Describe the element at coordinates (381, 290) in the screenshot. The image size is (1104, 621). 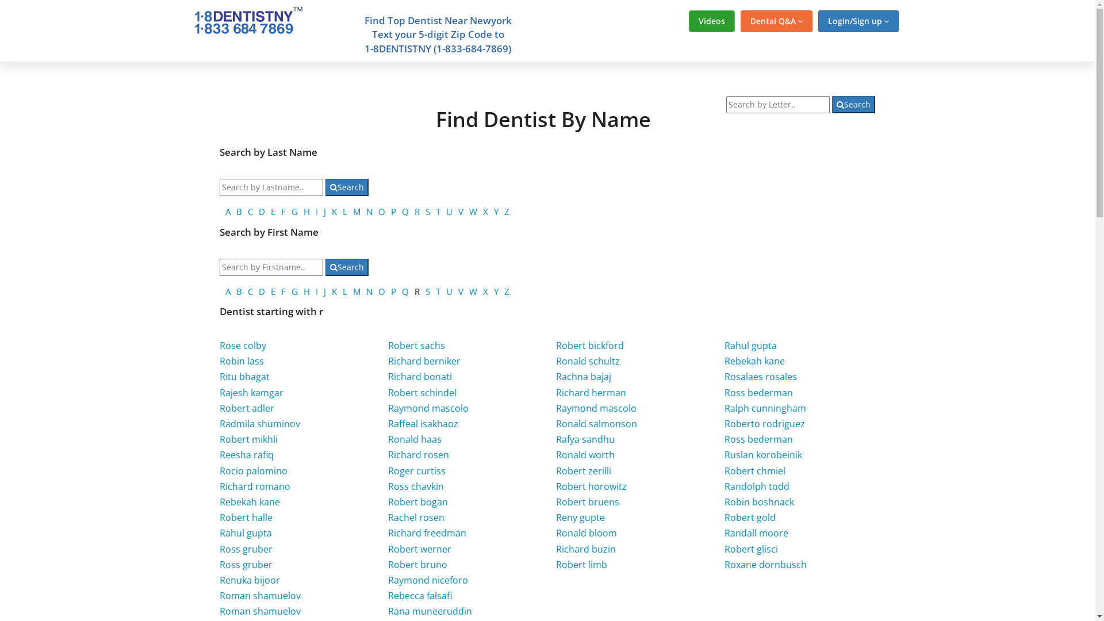
I see `'O'` at that location.